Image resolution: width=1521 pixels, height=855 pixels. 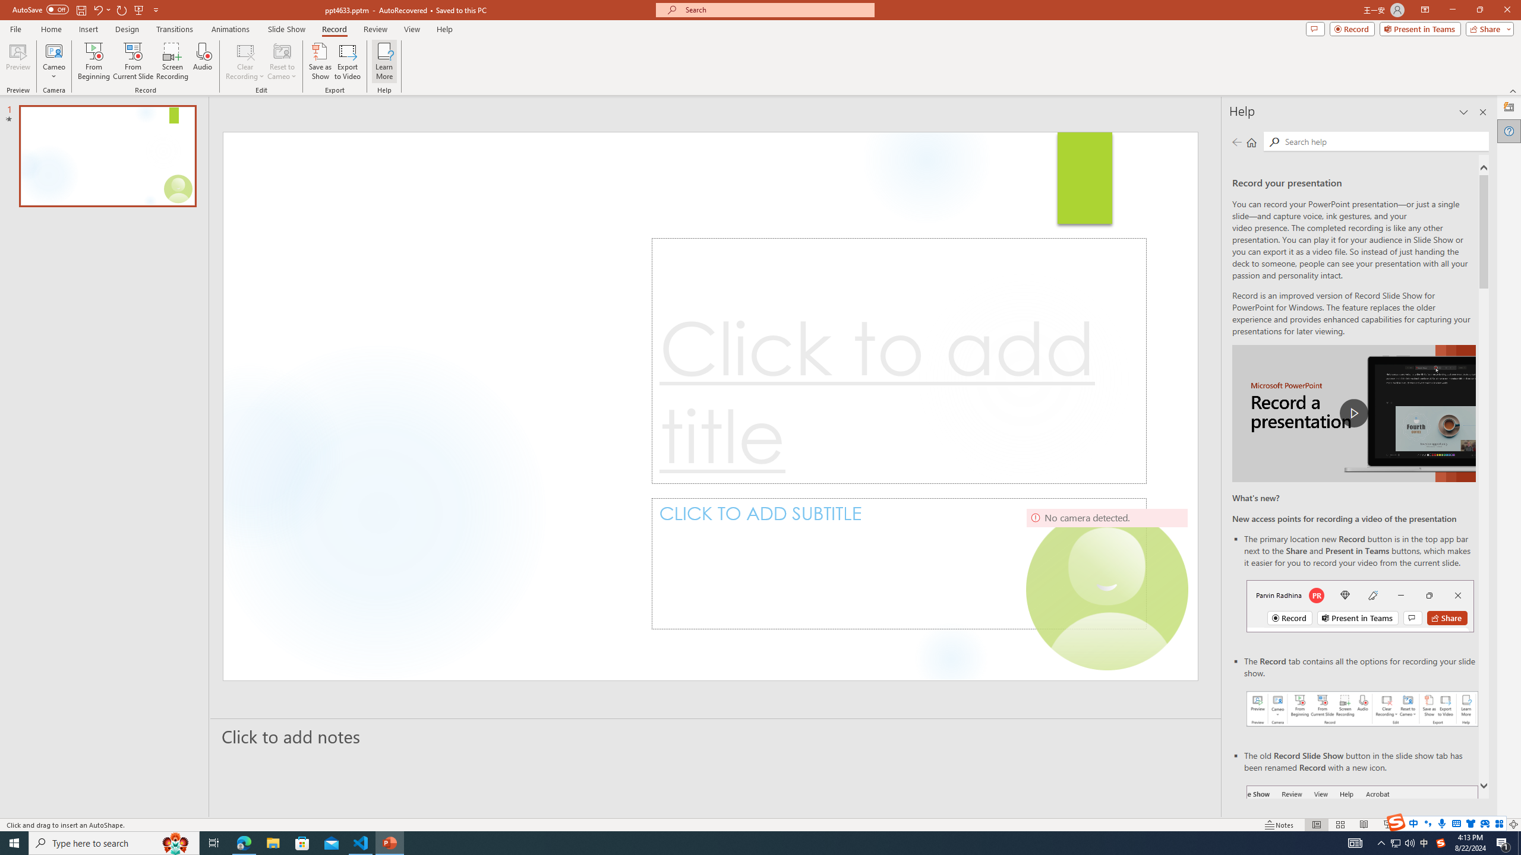 What do you see at coordinates (174, 29) in the screenshot?
I see `'Transitions'` at bounding box center [174, 29].